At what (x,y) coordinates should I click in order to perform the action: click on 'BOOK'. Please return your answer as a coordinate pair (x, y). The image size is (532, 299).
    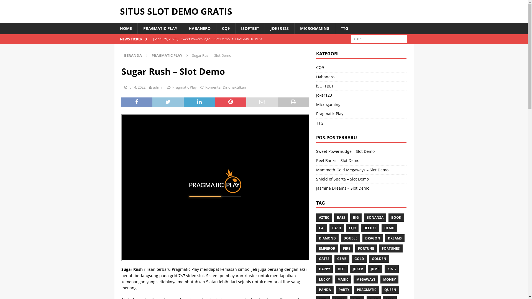
    Looking at the image, I should click on (396, 217).